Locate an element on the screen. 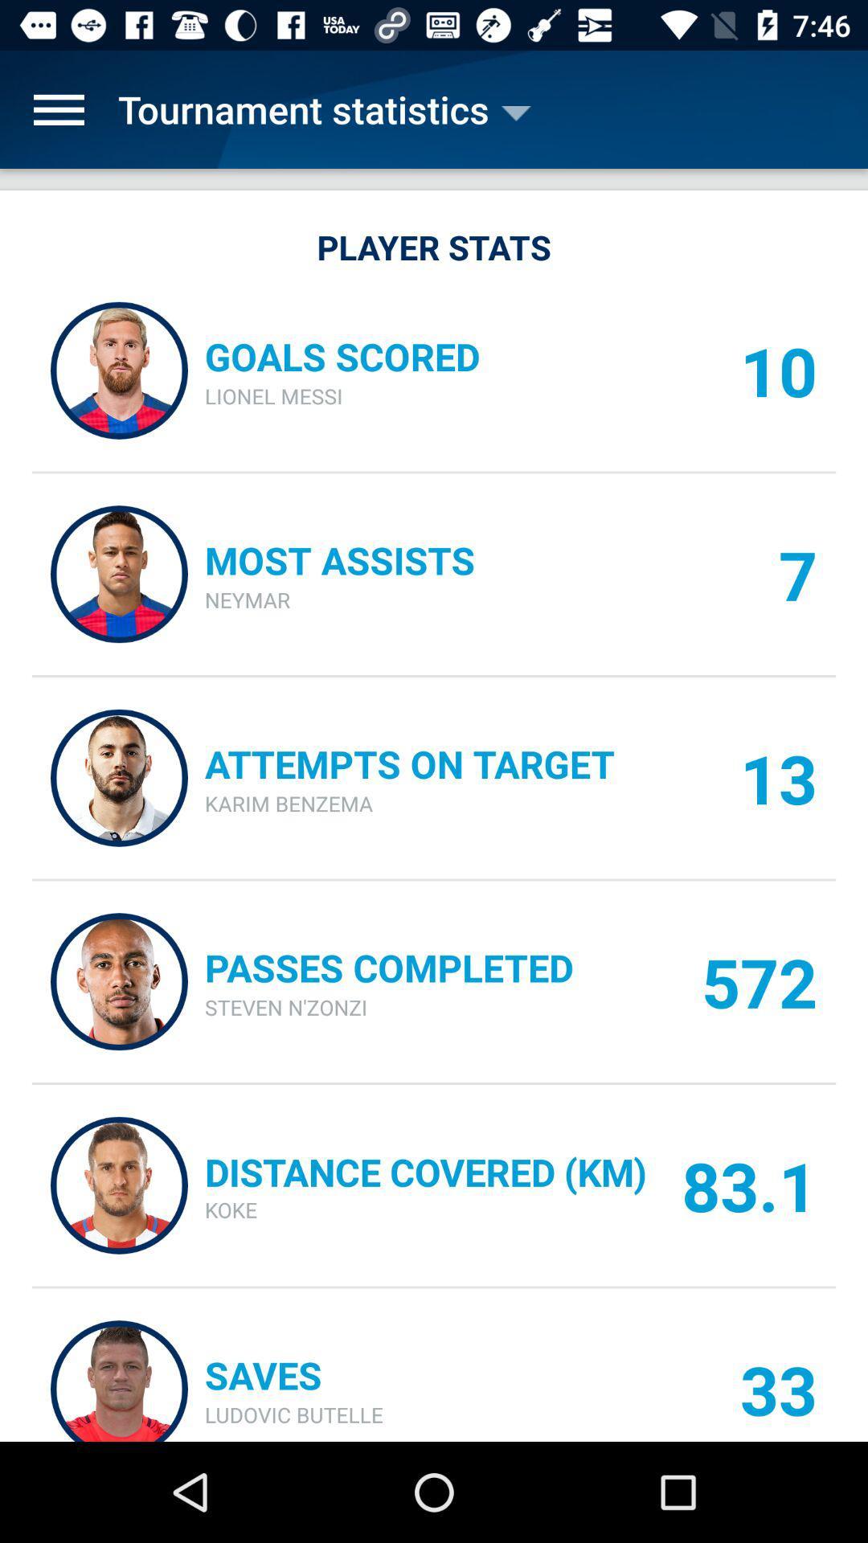 This screenshot has height=1543, width=868. the item next to tournament statistics item is located at coordinates (58, 108).